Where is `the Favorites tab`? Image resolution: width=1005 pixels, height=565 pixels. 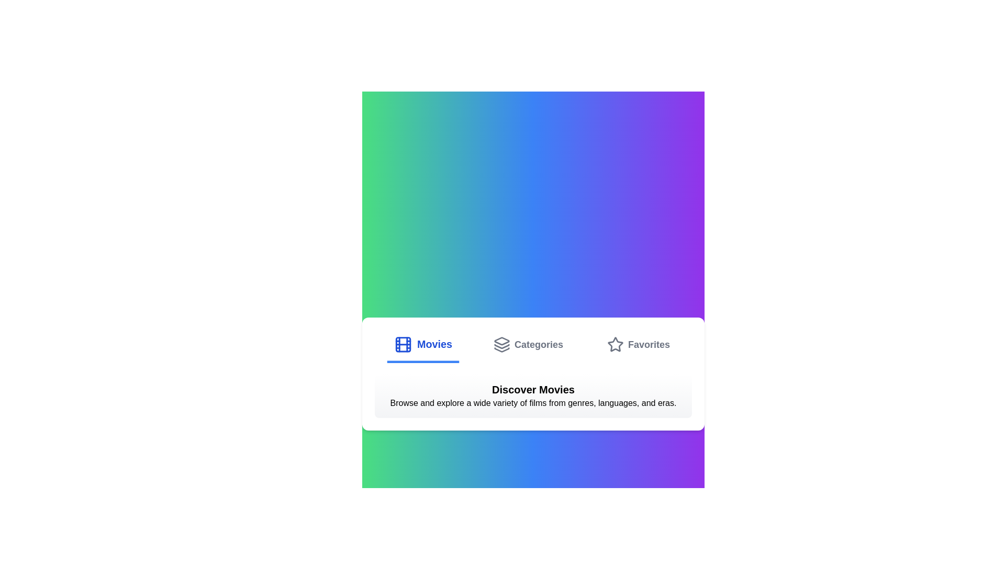 the Favorites tab is located at coordinates (638, 345).